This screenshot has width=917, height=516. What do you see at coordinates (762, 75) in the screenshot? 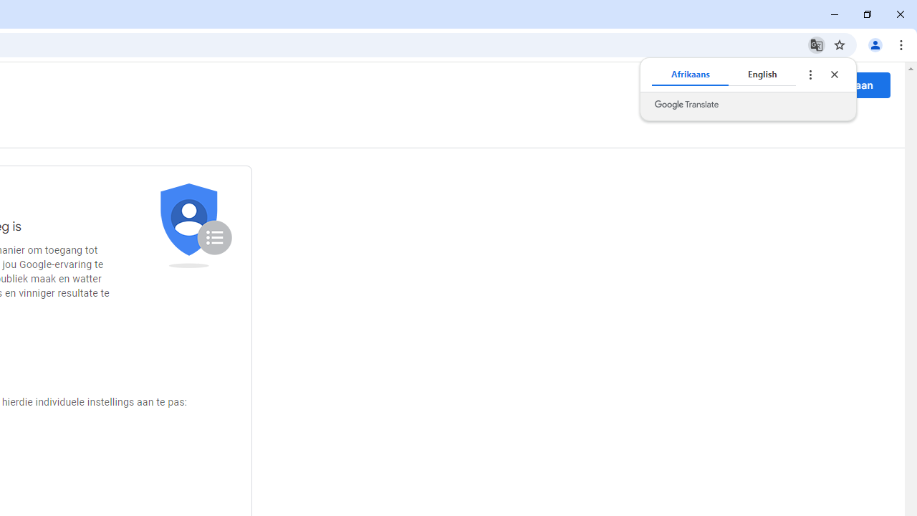
I see `'English'` at bounding box center [762, 75].